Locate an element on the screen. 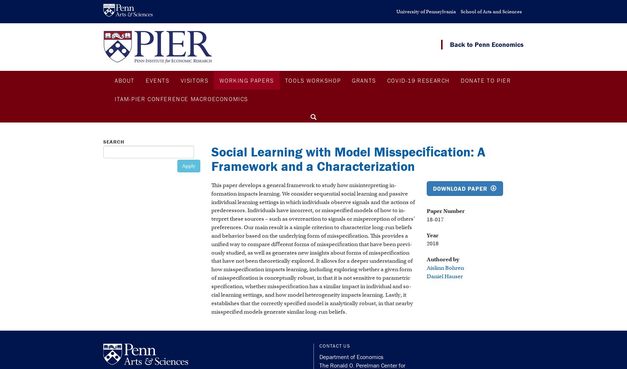  'Working Papers' is located at coordinates (246, 80).